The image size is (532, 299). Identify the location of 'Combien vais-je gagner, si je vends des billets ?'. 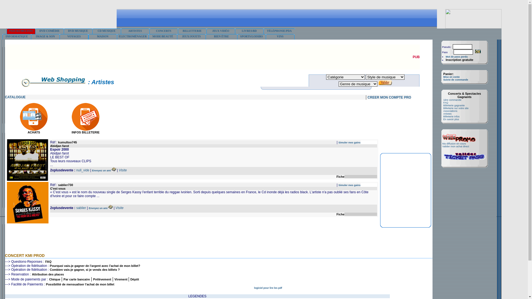
(85, 269).